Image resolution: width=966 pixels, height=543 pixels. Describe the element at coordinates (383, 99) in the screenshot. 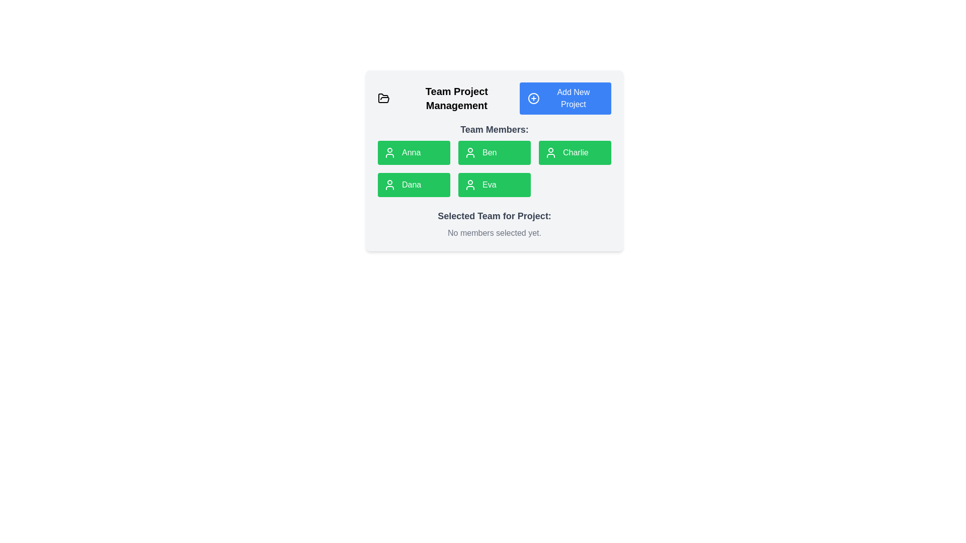

I see `the graphical icon located at the leftmost side of the 'Team Project Management' section for interaction` at that location.